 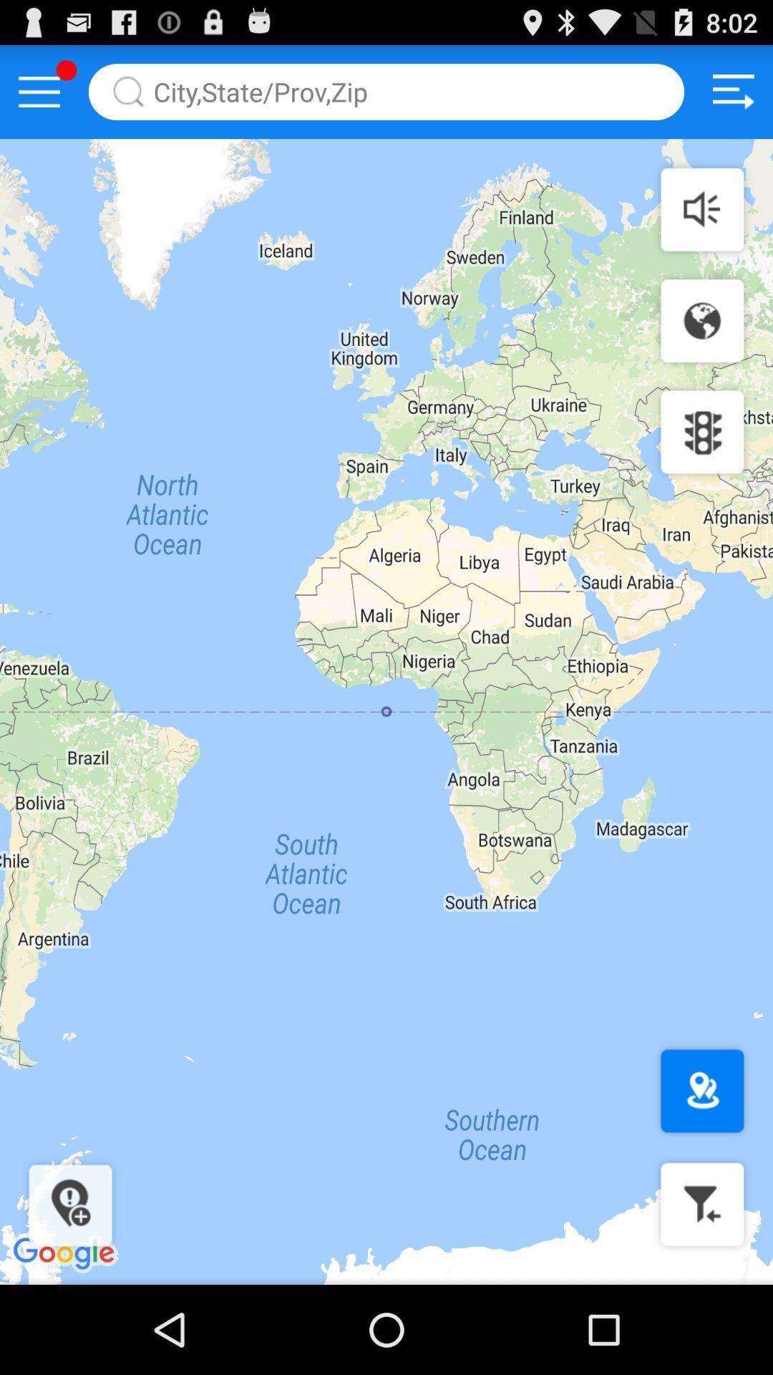 I want to click on closer map, so click(x=701, y=1203).